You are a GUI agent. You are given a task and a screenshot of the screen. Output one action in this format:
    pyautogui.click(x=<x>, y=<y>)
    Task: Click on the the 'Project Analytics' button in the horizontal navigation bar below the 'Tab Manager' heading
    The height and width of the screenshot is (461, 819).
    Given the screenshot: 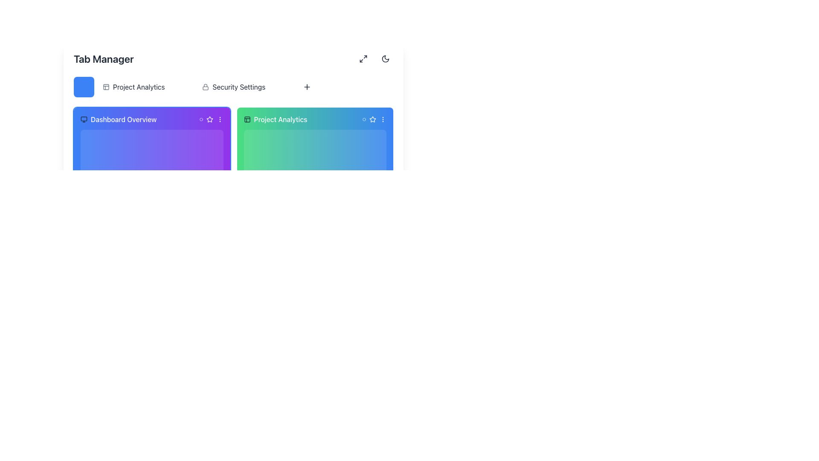 What is the action you would take?
    pyautogui.click(x=145, y=87)
    